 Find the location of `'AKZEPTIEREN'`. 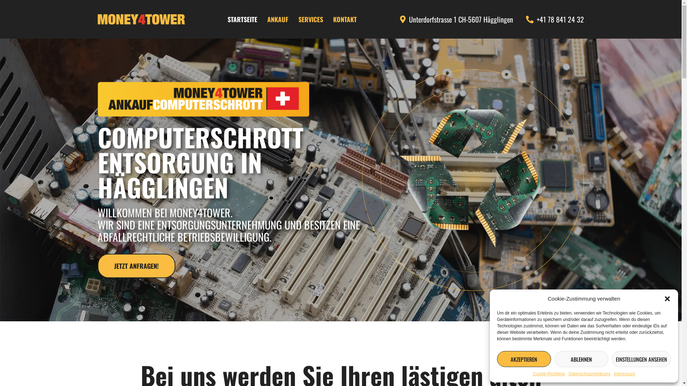

'AKZEPTIEREN' is located at coordinates (524, 359).